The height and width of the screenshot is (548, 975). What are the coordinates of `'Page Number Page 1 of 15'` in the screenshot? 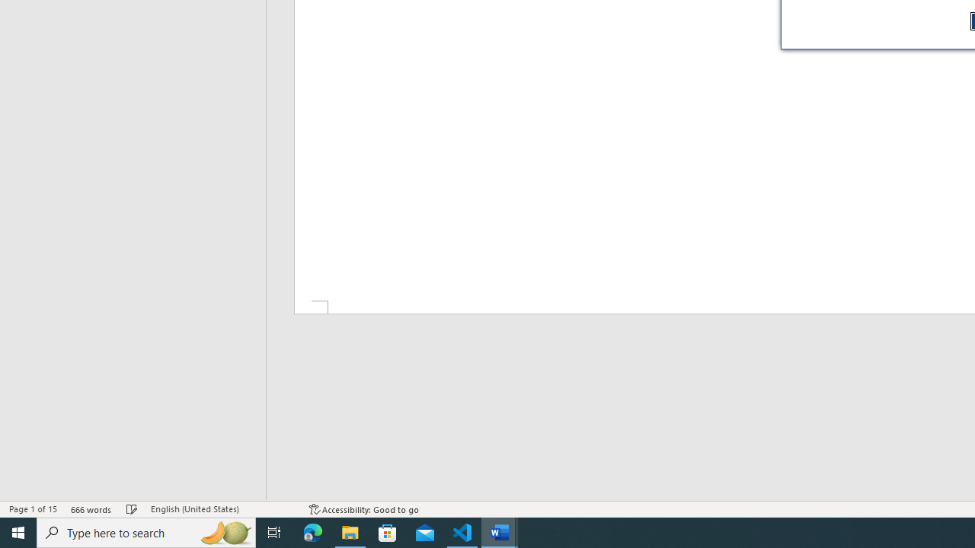 It's located at (33, 509).